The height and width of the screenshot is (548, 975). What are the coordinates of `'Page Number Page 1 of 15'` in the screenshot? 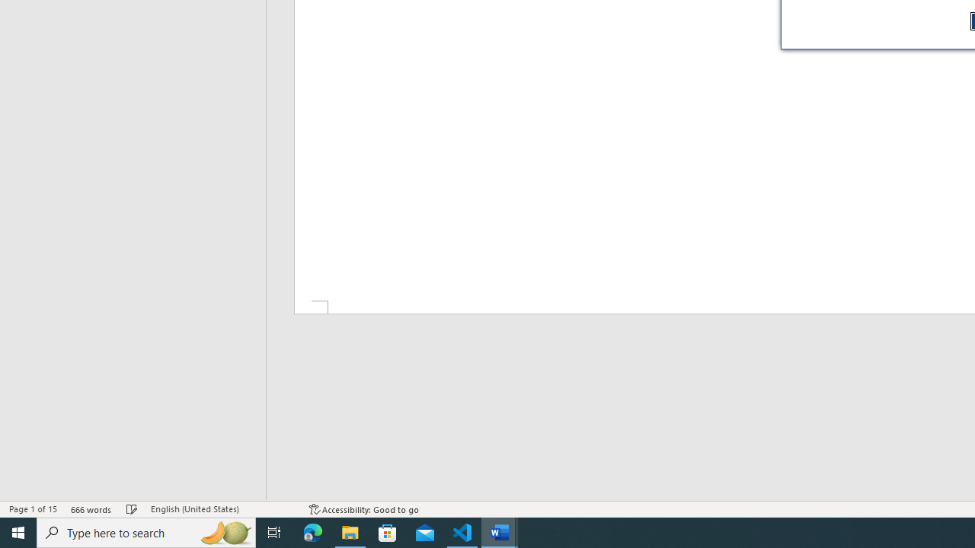 It's located at (33, 509).